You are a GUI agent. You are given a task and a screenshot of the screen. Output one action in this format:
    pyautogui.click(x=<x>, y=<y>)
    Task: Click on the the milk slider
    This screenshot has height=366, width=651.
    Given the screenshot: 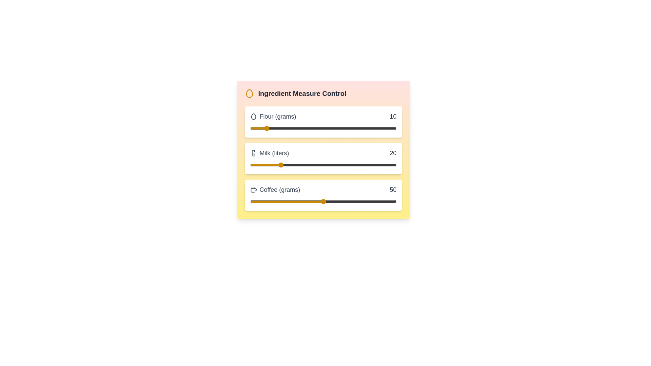 What is the action you would take?
    pyautogui.click(x=341, y=165)
    